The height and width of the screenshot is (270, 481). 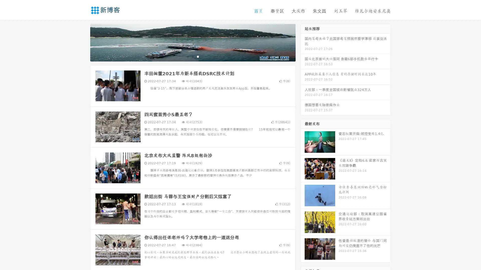 What do you see at coordinates (303, 42) in the screenshot?
I see `Next slide` at bounding box center [303, 42].